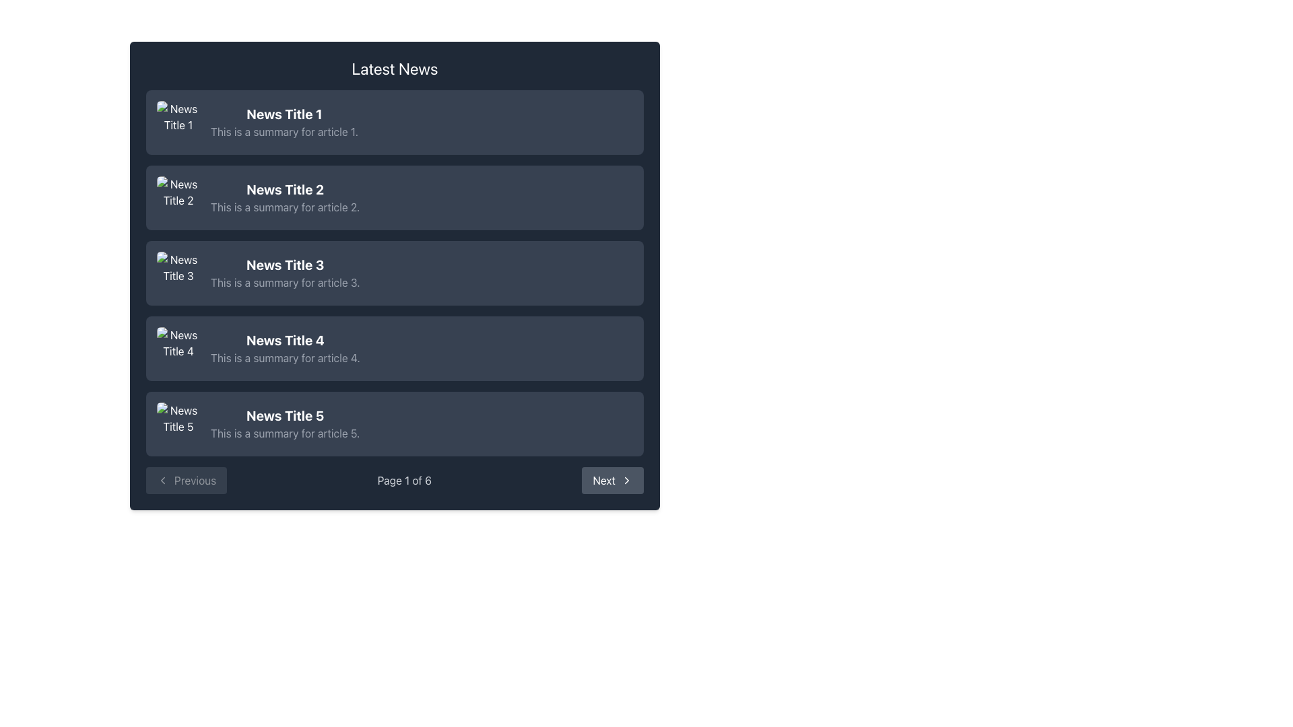  What do you see at coordinates (177, 423) in the screenshot?
I see `the placeholder icon for 'News Title 5', located in the fifth row of news items, which features landscape elements like mountains and sky` at bounding box center [177, 423].